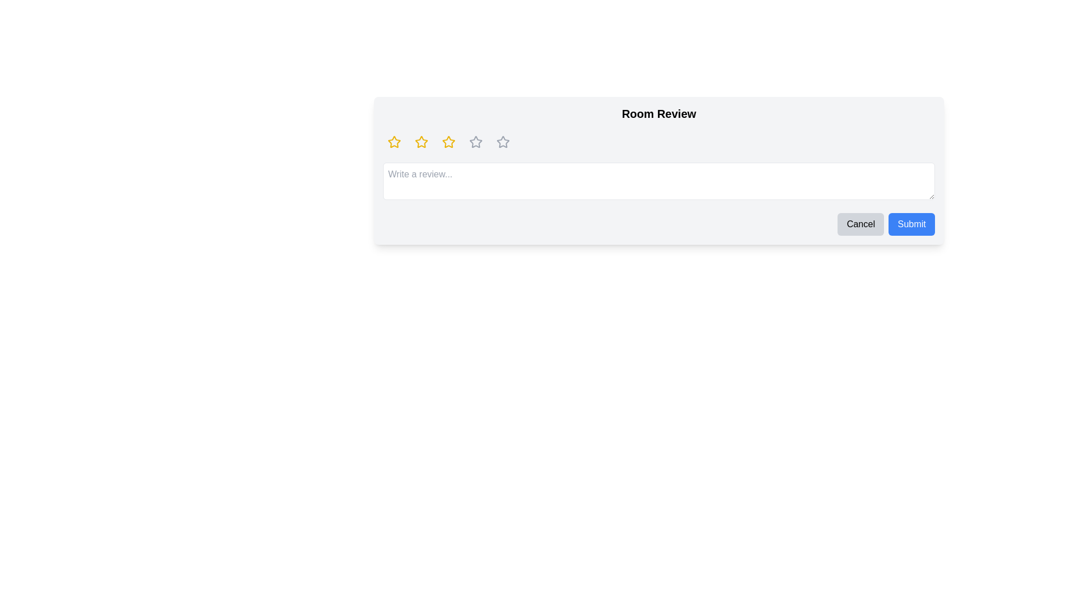 The width and height of the screenshot is (1088, 612). Describe the element at coordinates (394, 141) in the screenshot. I see `the first star-shaped rating icon, which is yellow and has rounded edges, to trigger the tooltip or styling effect` at that location.